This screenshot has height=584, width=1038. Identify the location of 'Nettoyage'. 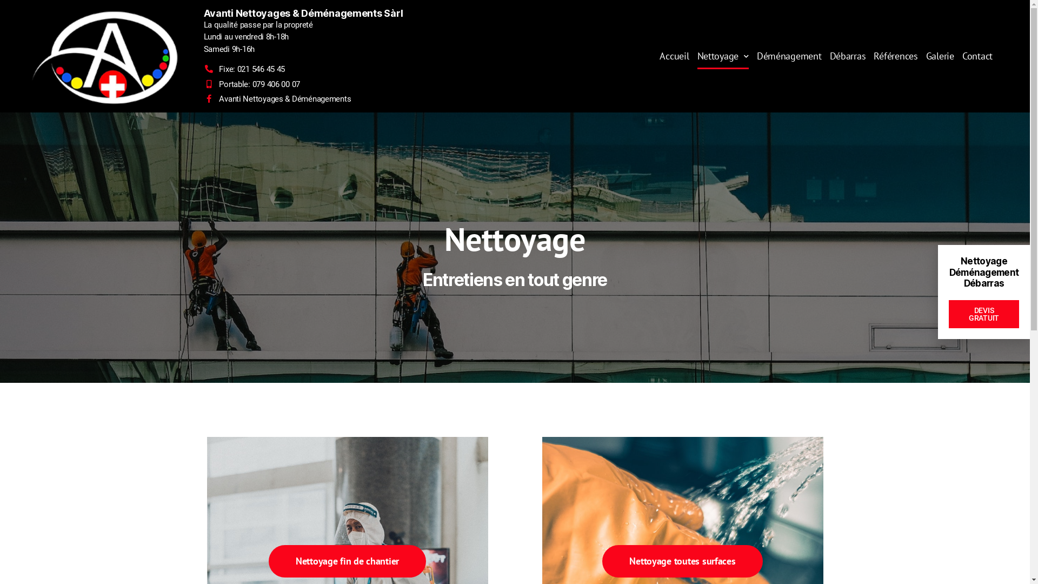
(723, 56).